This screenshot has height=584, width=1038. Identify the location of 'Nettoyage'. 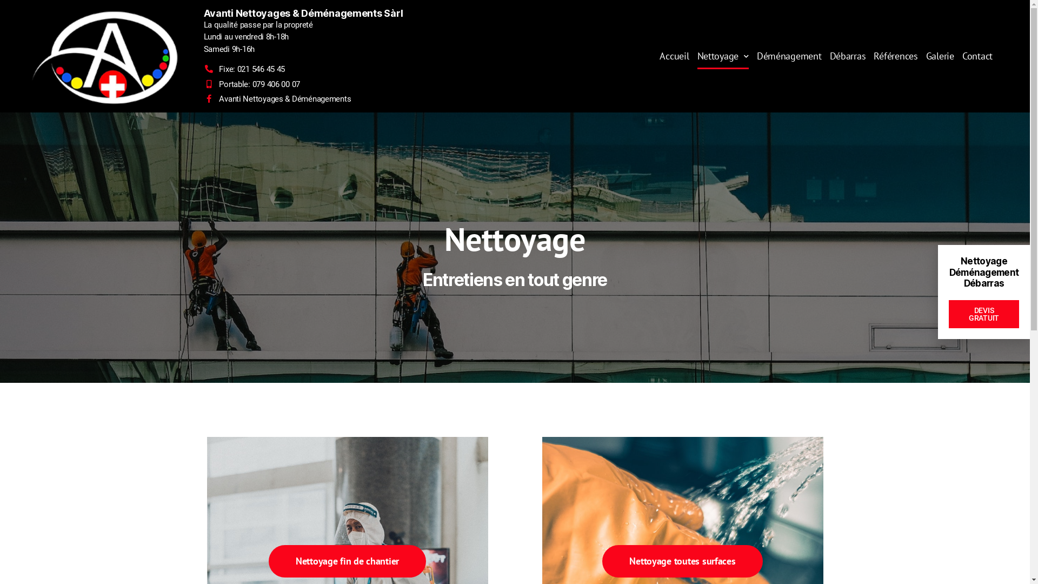
(723, 56).